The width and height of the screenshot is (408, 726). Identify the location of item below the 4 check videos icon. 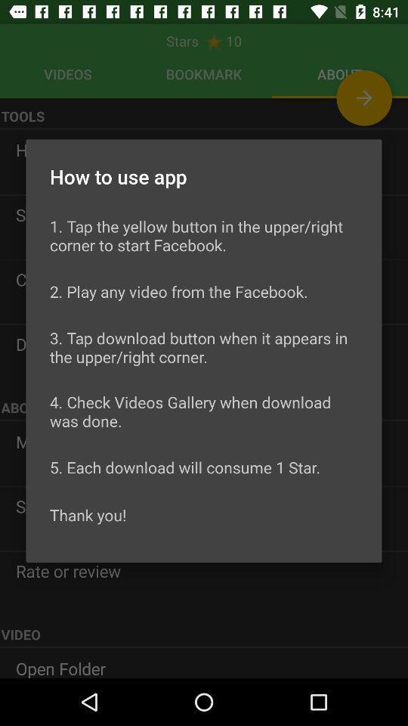
(185, 466).